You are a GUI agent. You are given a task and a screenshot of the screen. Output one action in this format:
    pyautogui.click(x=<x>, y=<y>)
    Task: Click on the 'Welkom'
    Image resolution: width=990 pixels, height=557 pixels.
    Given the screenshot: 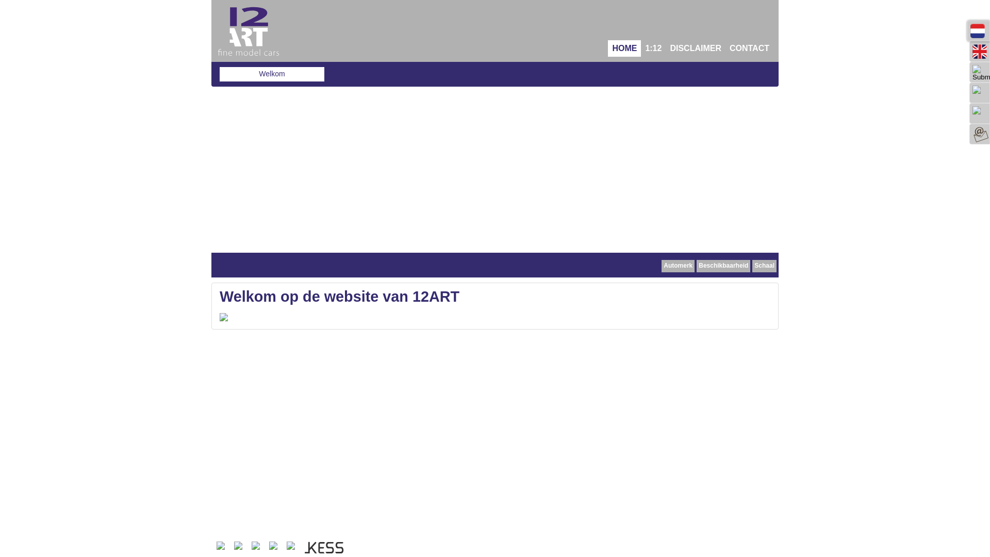 What is the action you would take?
    pyautogui.click(x=272, y=73)
    